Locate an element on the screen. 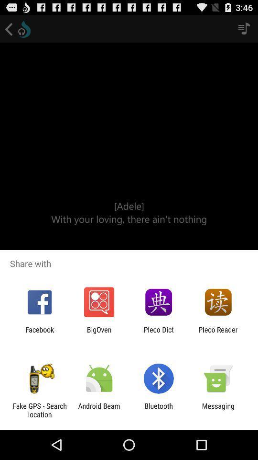 This screenshot has height=460, width=258. the app to the left of android beam is located at coordinates (39, 410).